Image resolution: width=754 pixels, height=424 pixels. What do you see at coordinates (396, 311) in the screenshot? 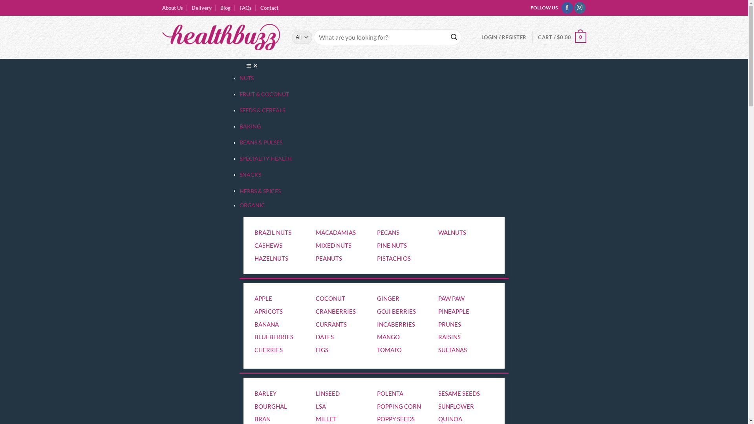
I see `'GOJI BERRIES'` at bounding box center [396, 311].